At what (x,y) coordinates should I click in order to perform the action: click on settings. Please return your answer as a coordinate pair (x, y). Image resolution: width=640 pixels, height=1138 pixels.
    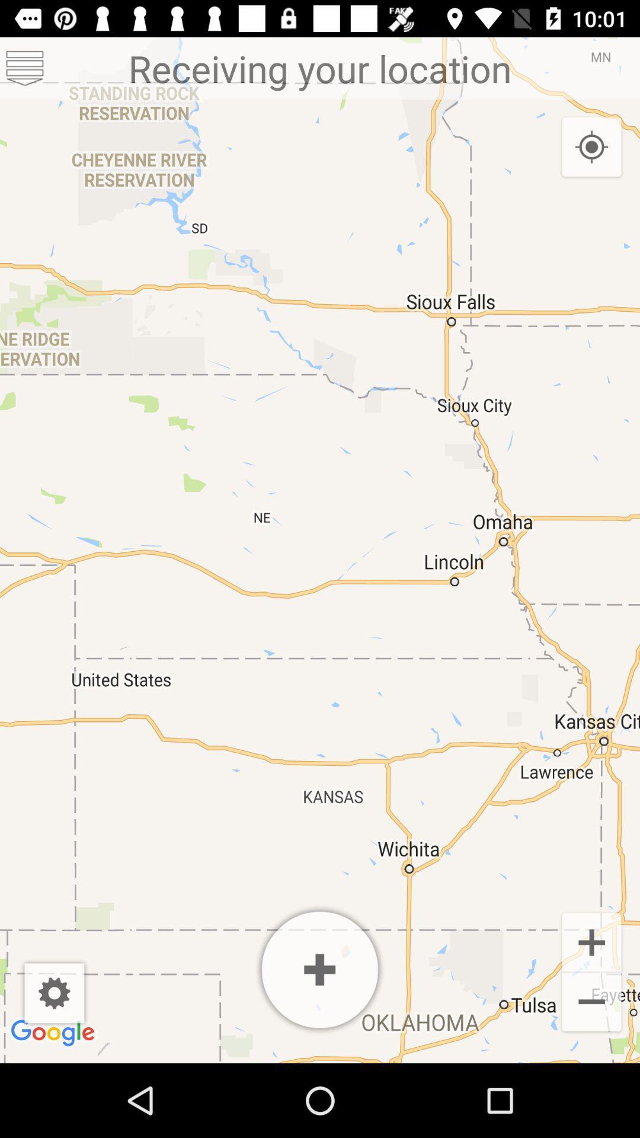
    Looking at the image, I should click on (54, 993).